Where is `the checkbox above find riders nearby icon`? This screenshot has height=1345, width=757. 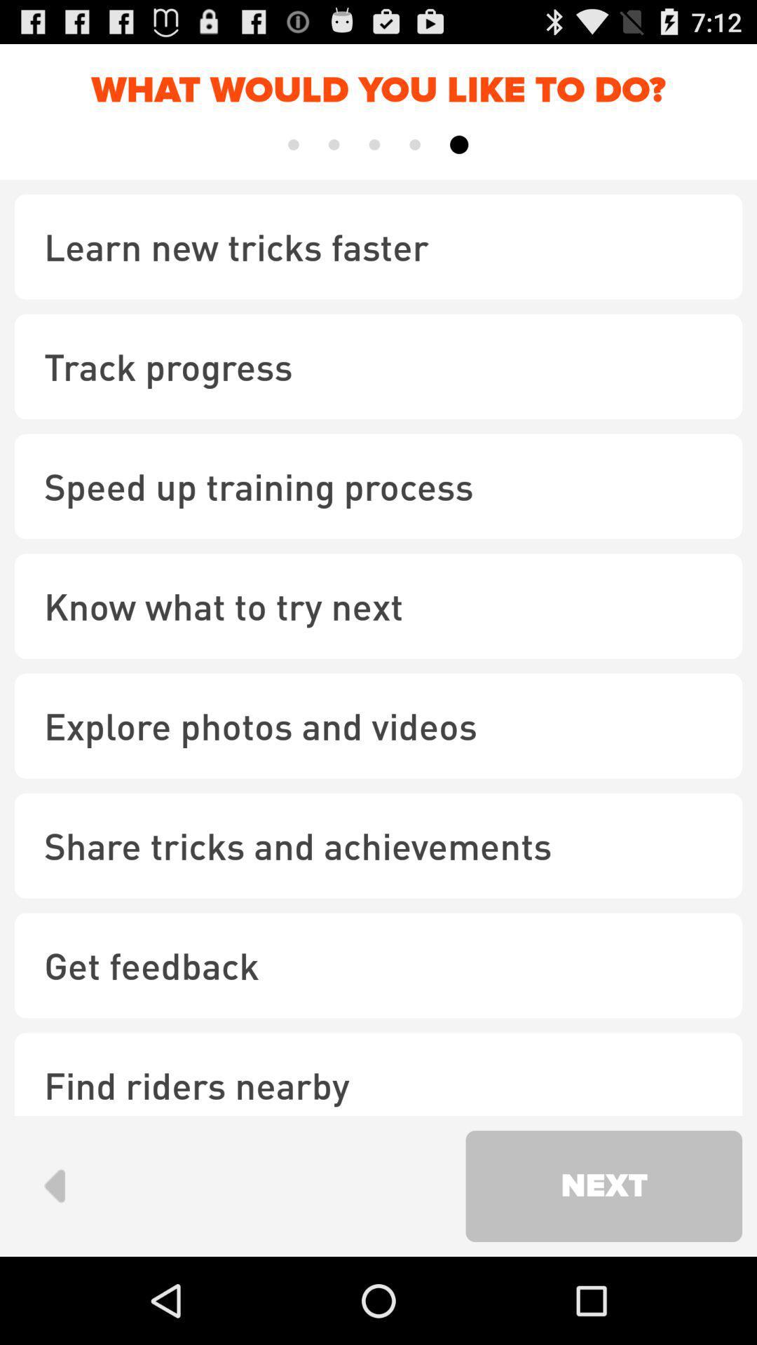 the checkbox above find riders nearby icon is located at coordinates (378, 965).